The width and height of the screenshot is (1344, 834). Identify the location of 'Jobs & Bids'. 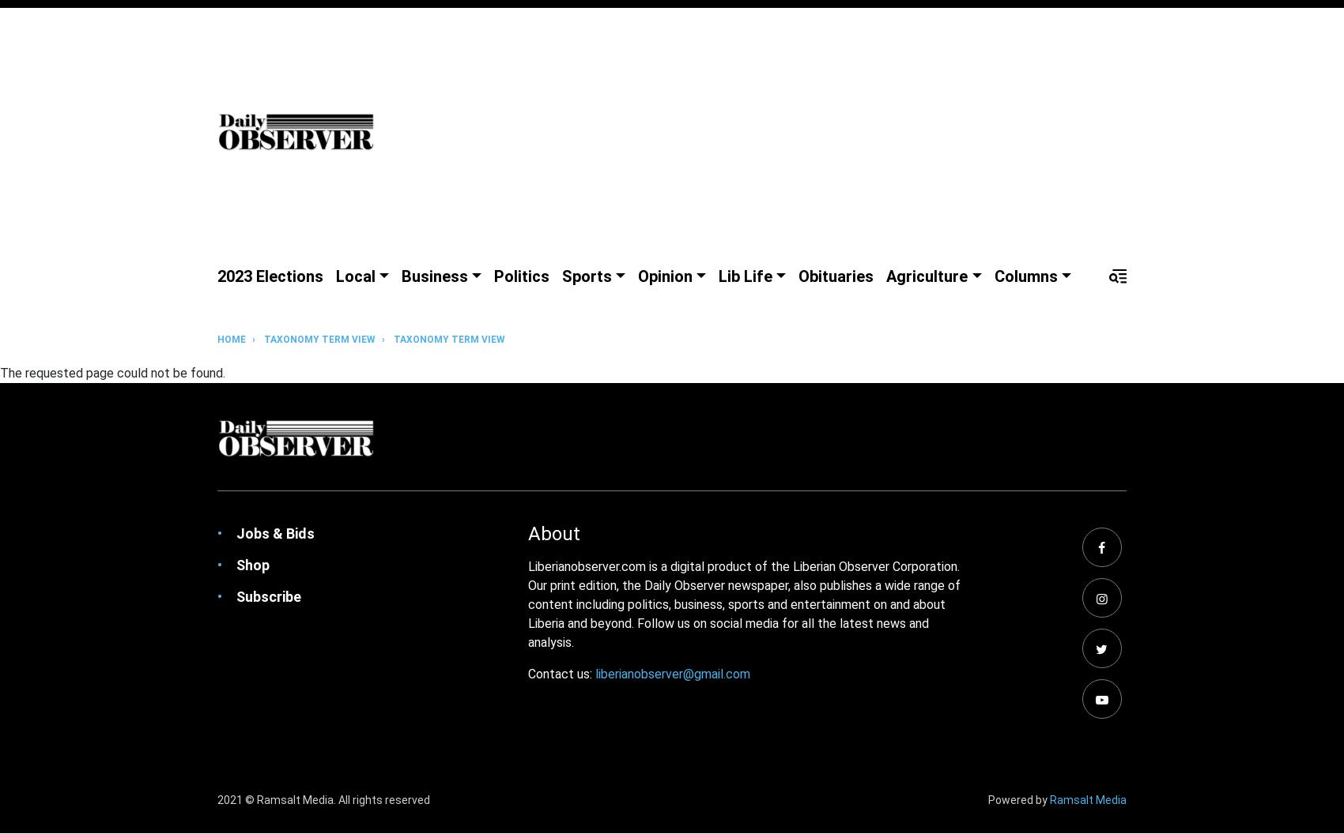
(274, 532).